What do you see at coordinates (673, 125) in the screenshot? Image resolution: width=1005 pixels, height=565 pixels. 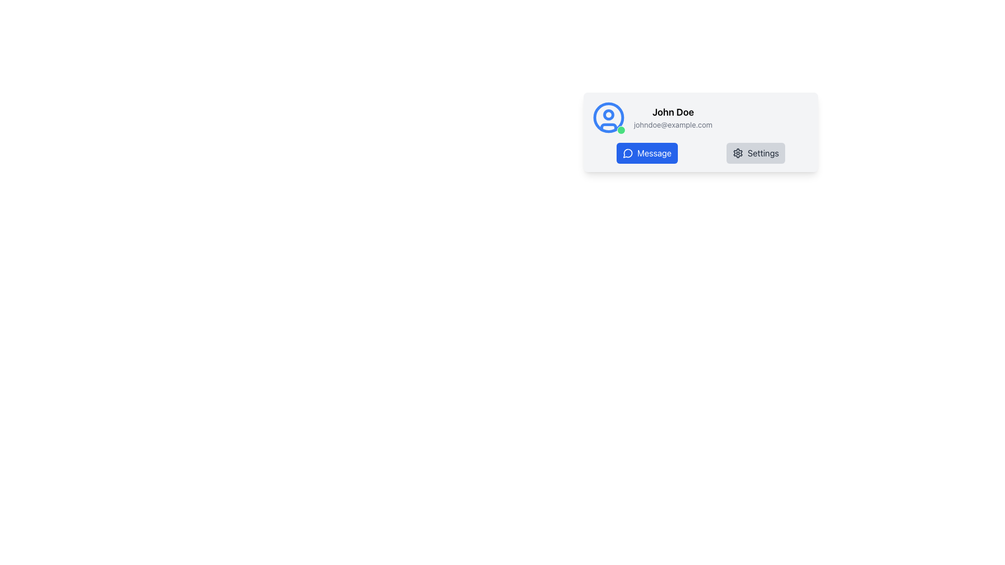 I see `the Text label displaying the user's email address, which is positioned below 'John Doe' and centered within the card` at bounding box center [673, 125].